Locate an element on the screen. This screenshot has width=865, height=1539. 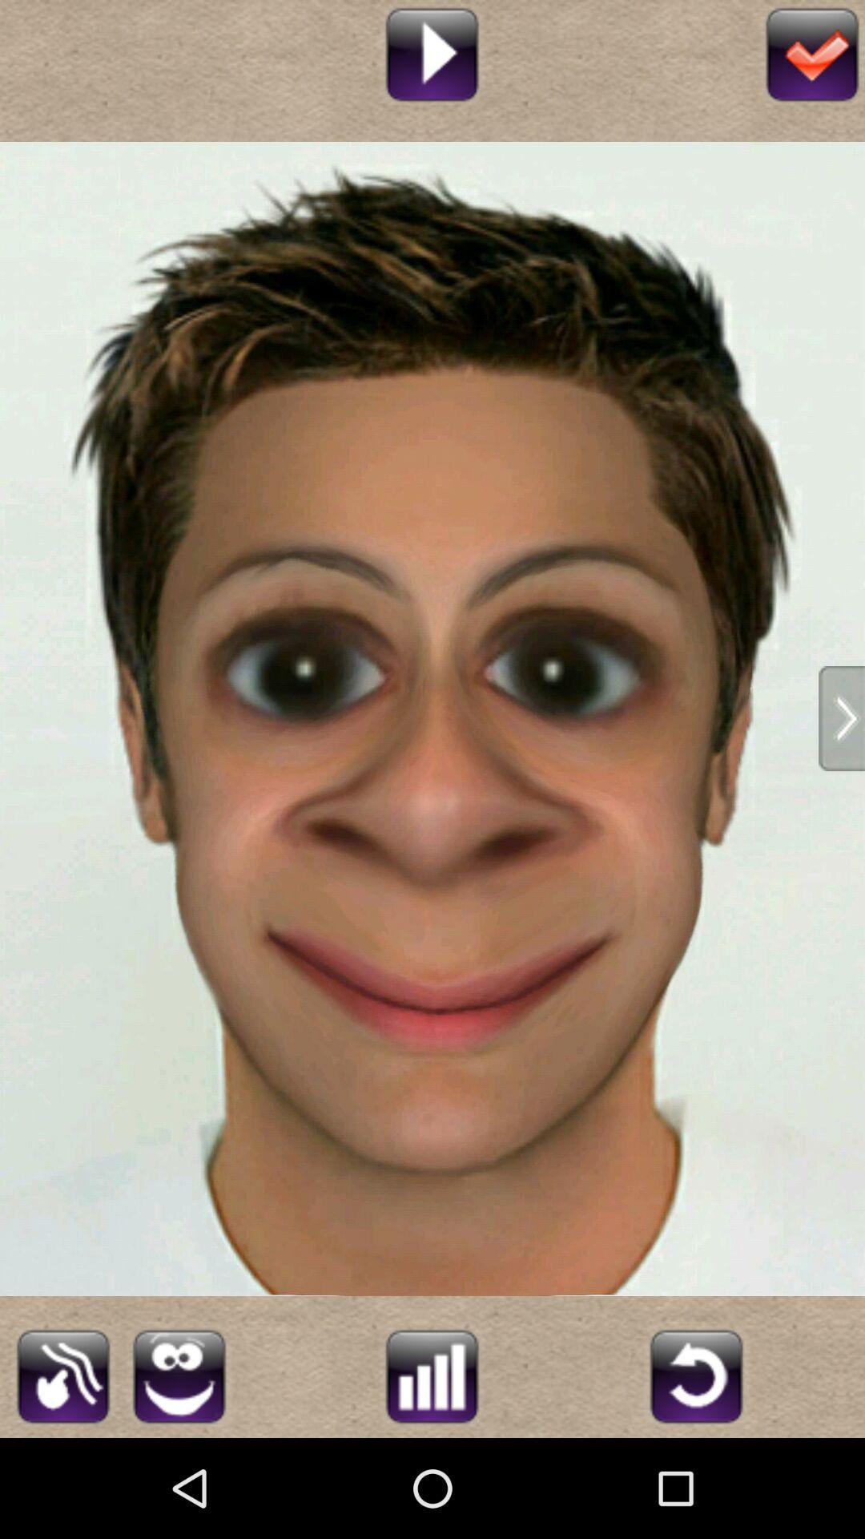
the item on the right is located at coordinates (841, 717).